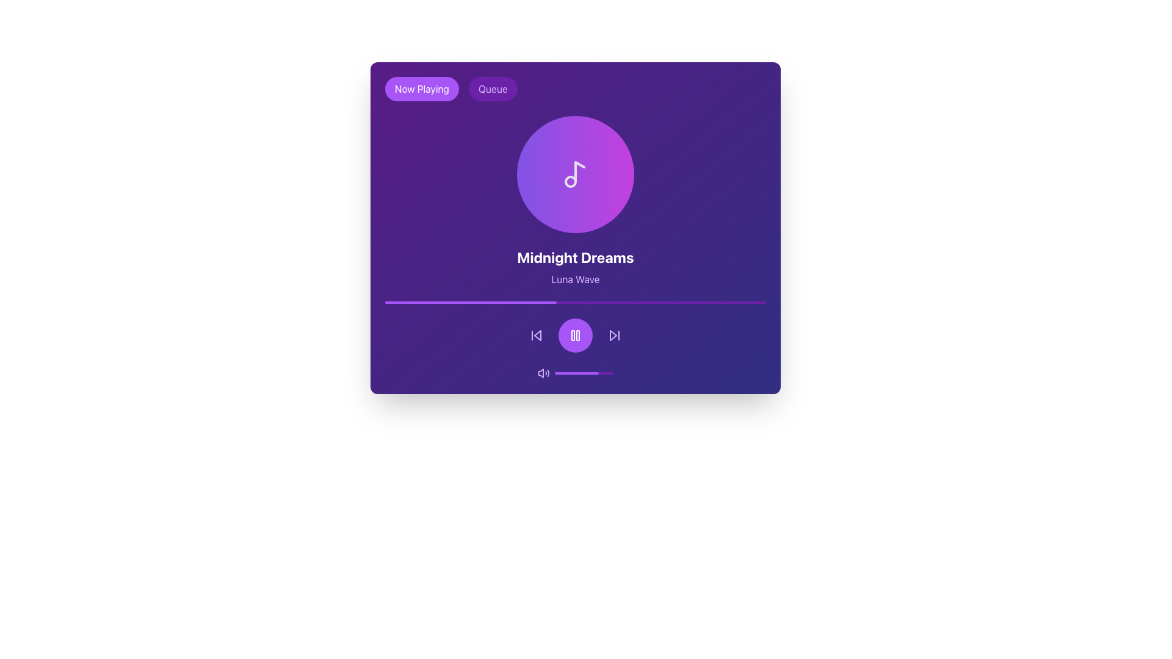 The width and height of the screenshot is (1172, 659). What do you see at coordinates (583, 373) in the screenshot?
I see `the horizontal progress bar styled with a purple background located in the volume adjustment section to adjust the volume` at bounding box center [583, 373].